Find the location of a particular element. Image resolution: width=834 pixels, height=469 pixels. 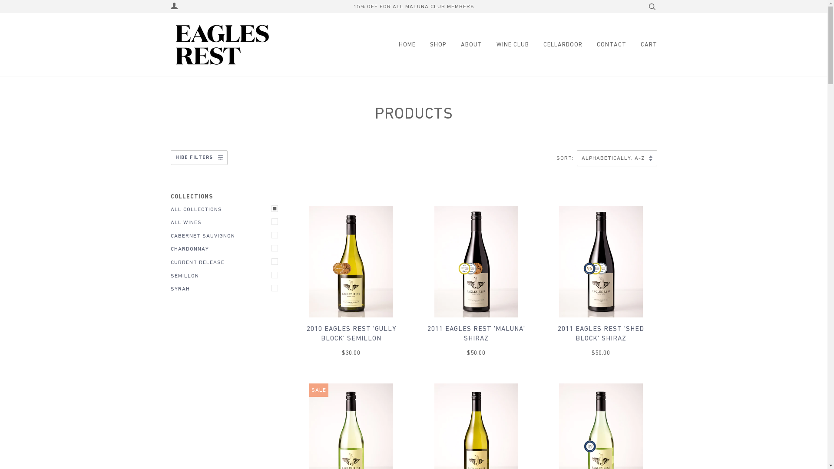

'WINE CLUB' is located at coordinates (506, 44).